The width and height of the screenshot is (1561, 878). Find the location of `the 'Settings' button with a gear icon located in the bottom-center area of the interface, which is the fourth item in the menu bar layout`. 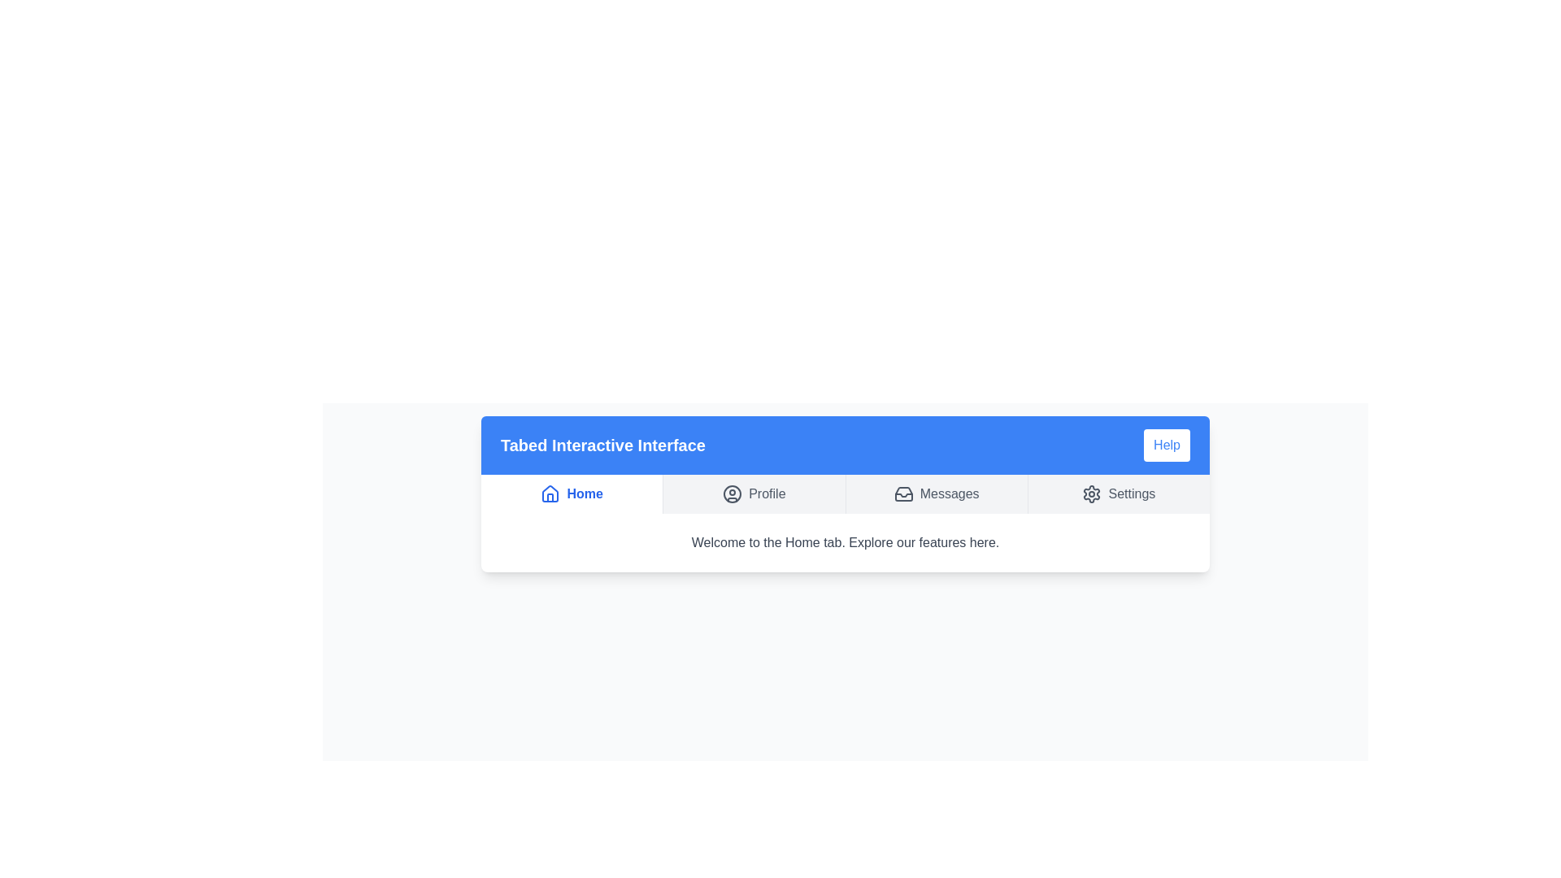

the 'Settings' button with a gear icon located in the bottom-center area of the interface, which is the fourth item in the menu bar layout is located at coordinates (1118, 493).